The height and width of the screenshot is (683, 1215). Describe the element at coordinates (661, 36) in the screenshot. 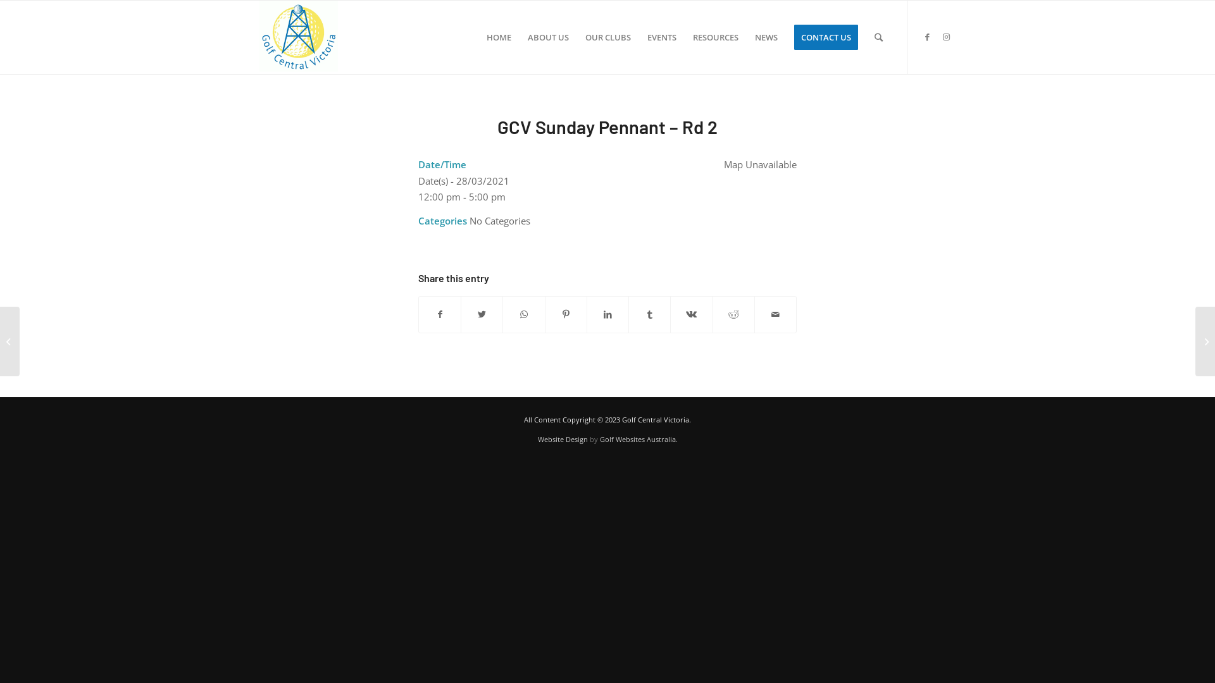

I see `'EVENTS'` at that location.